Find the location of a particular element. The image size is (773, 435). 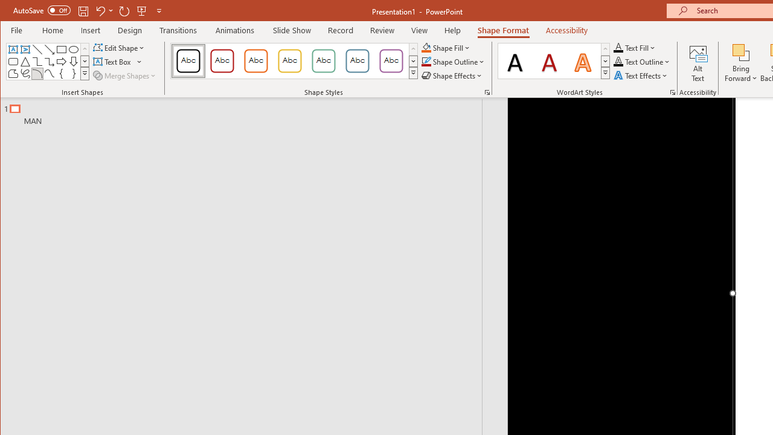

'Connector: Elbow Arrow' is located at coordinates (48, 62).